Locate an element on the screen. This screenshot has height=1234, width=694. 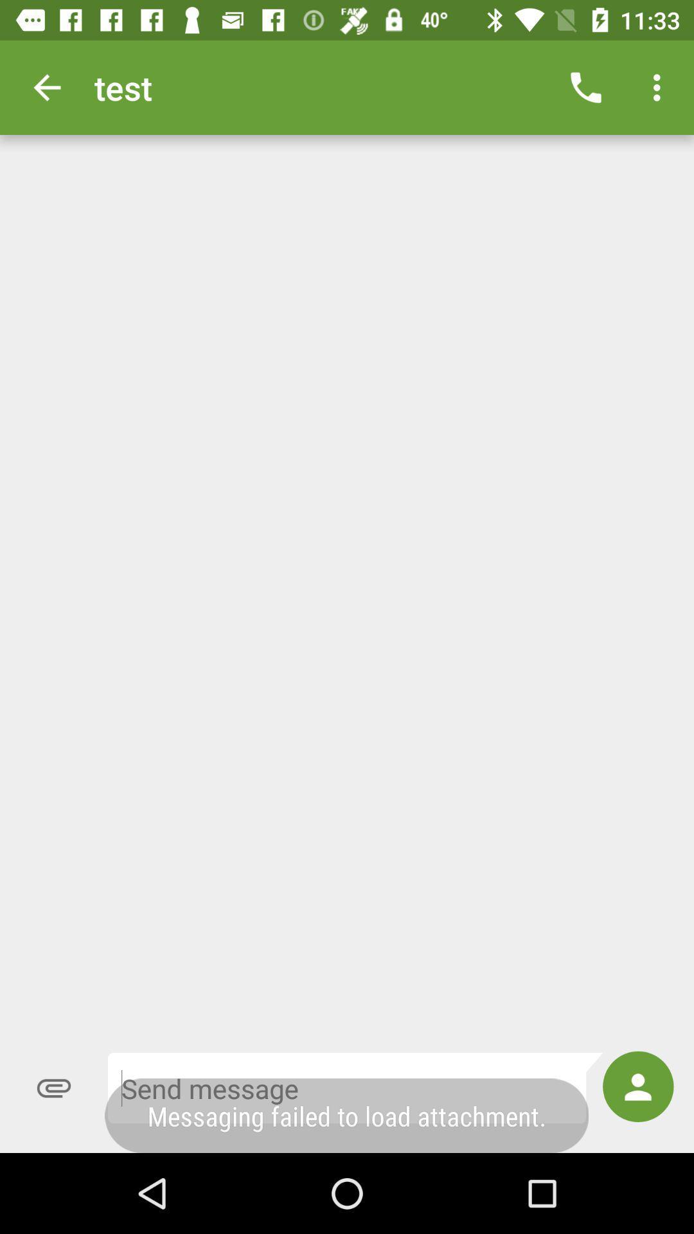
the avatar icon is located at coordinates (638, 1086).